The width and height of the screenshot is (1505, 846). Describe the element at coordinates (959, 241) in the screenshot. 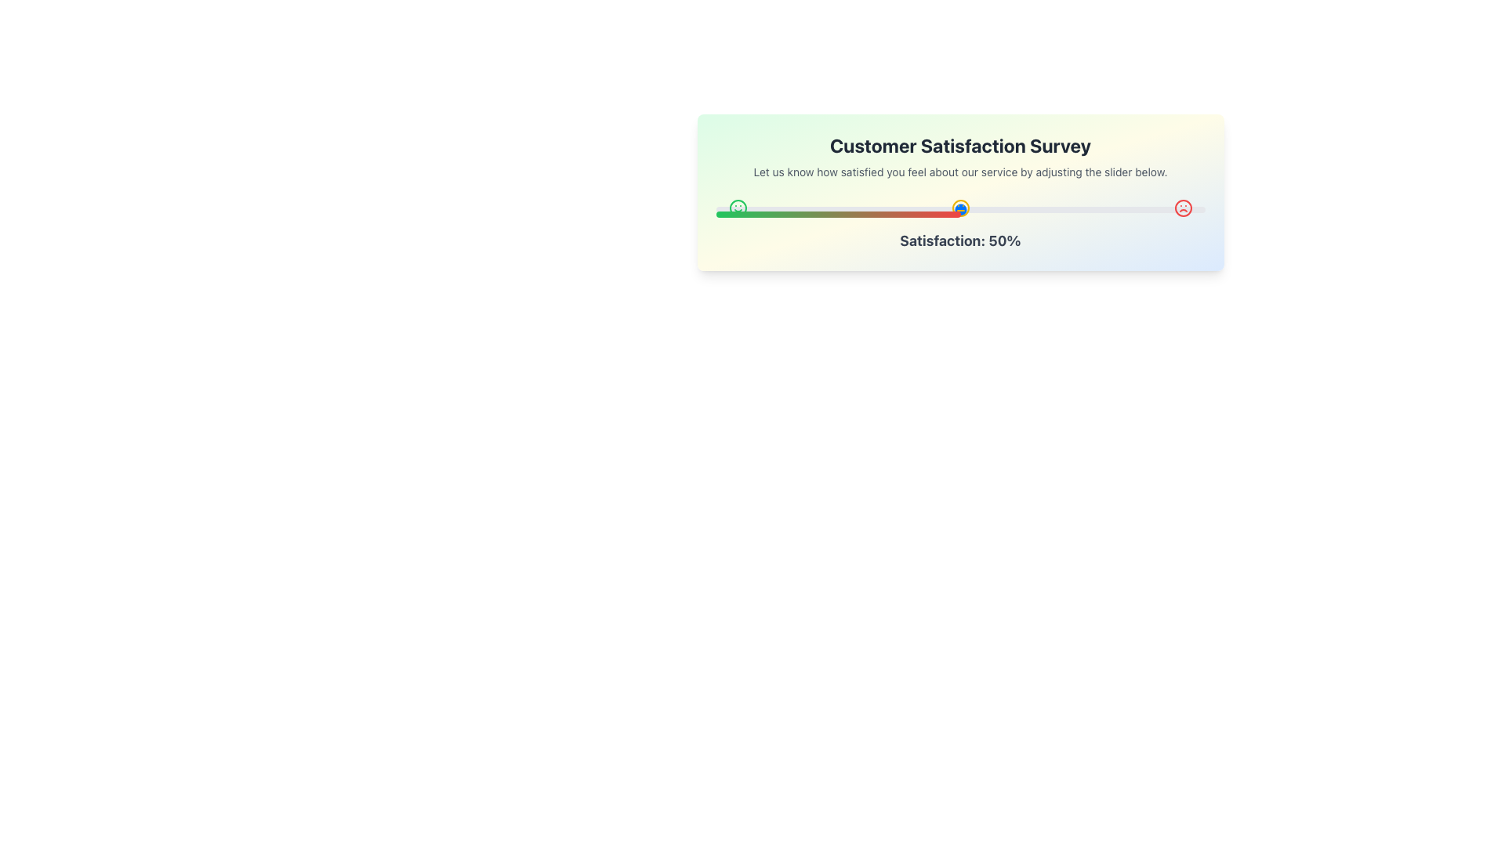

I see `the slider above` at that location.